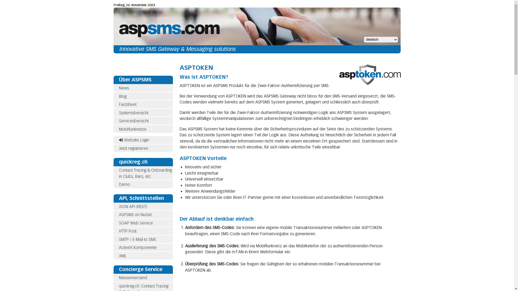 This screenshot has height=291, width=518. I want to click on 'Contact Tracing & Onboarding, so click(143, 173).